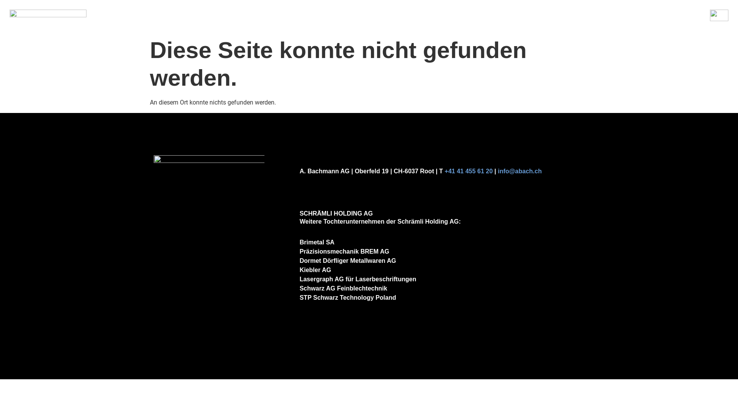 Image resolution: width=738 pixels, height=415 pixels. Describe the element at coordinates (315, 269) in the screenshot. I see `'Kiebler AG'` at that location.